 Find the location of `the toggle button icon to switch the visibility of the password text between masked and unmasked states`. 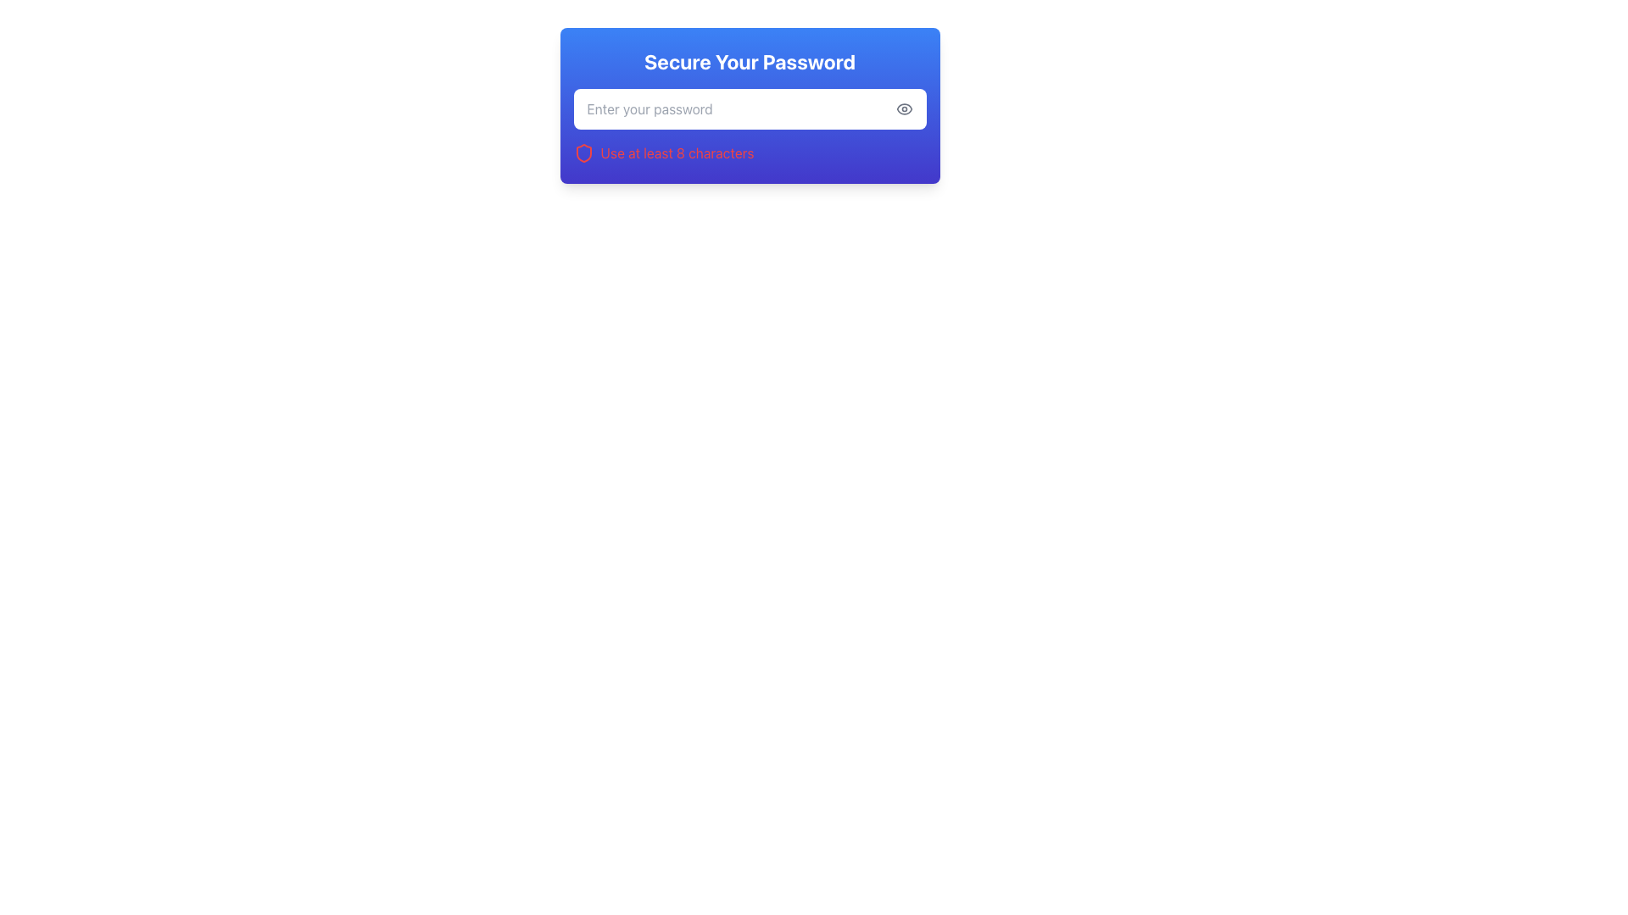

the toggle button icon to switch the visibility of the password text between masked and unmasked states is located at coordinates (903, 108).